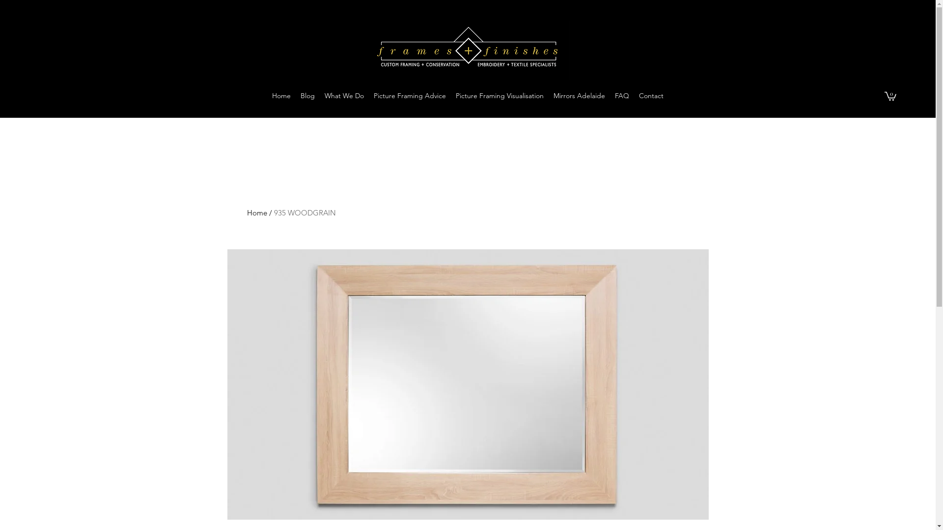 Image resolution: width=943 pixels, height=530 pixels. What do you see at coordinates (884, 96) in the screenshot?
I see `'0'` at bounding box center [884, 96].